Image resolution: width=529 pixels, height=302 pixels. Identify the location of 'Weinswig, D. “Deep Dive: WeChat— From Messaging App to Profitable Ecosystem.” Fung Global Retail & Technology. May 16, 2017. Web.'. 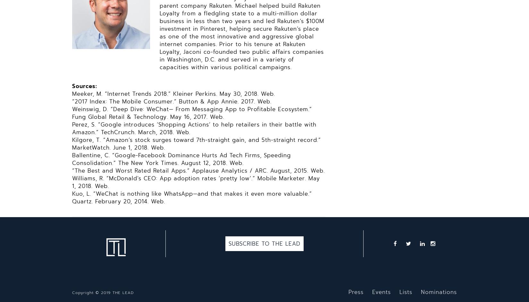
(191, 113).